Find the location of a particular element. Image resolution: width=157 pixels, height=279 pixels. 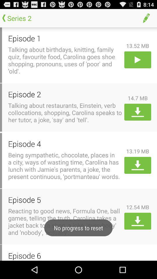

content is located at coordinates (137, 60).